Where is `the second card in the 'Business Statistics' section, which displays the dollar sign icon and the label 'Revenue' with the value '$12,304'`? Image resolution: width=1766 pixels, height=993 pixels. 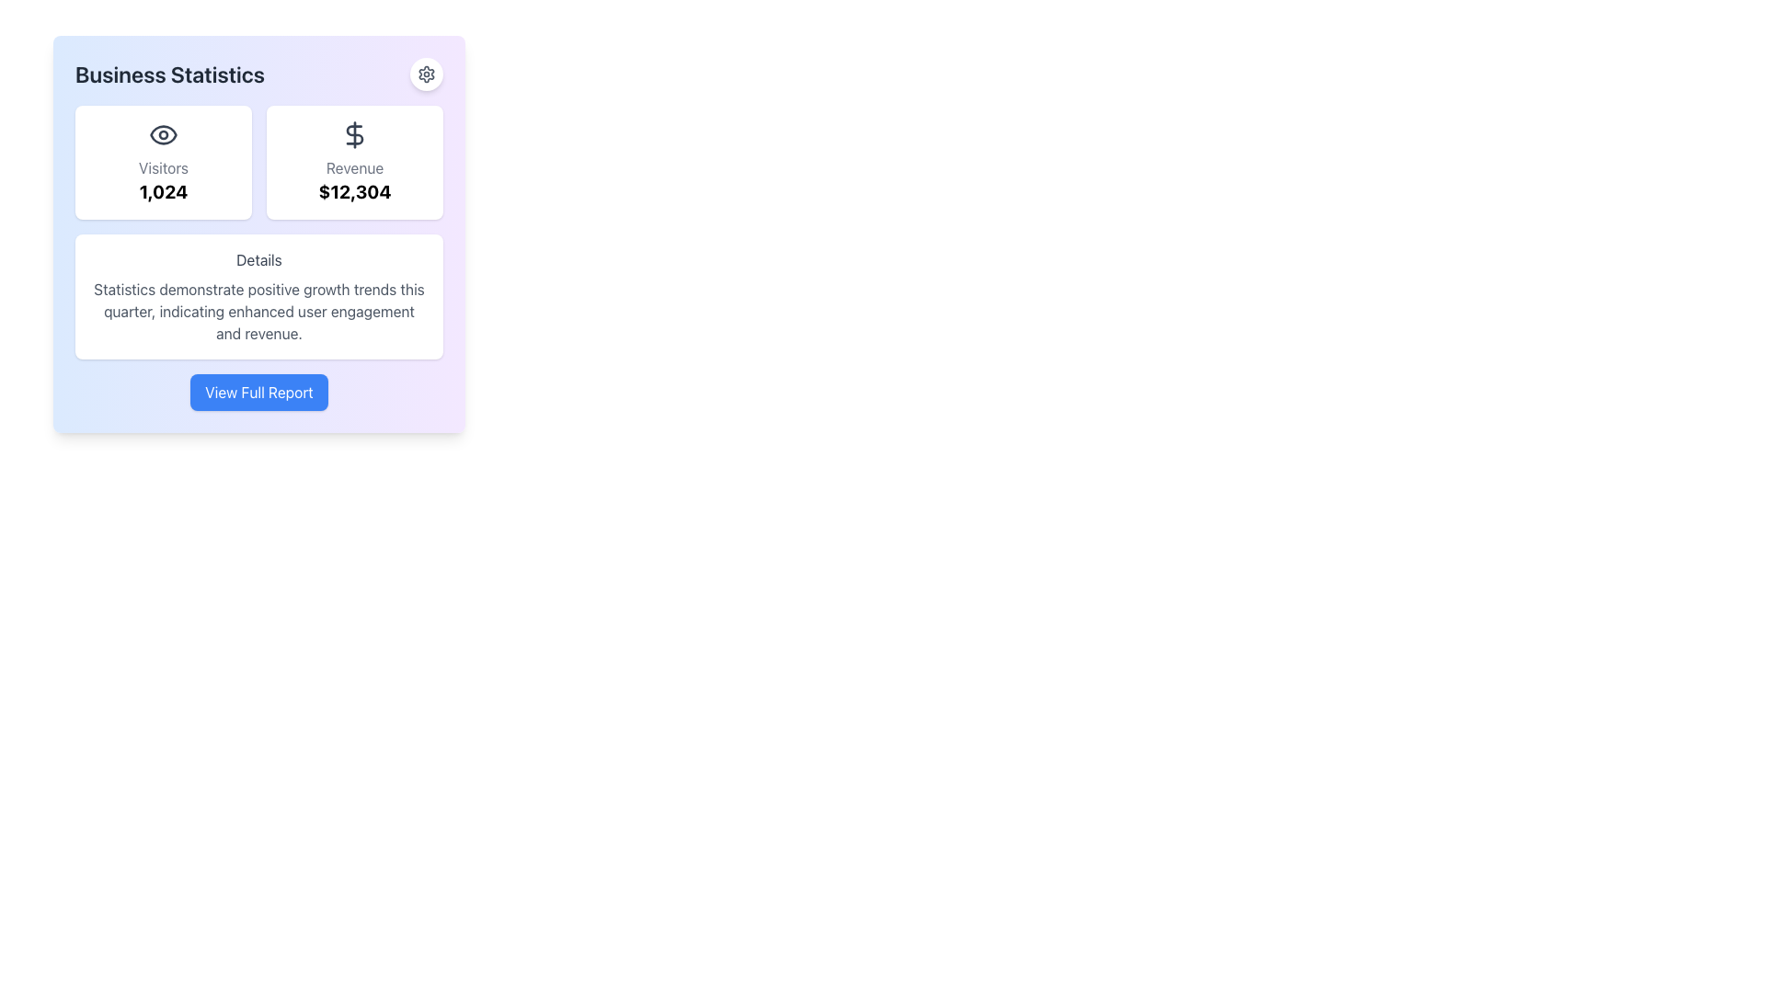
the second card in the 'Business Statistics' section, which displays the dollar sign icon and the label 'Revenue' with the value '$12,304' is located at coordinates (354, 162).